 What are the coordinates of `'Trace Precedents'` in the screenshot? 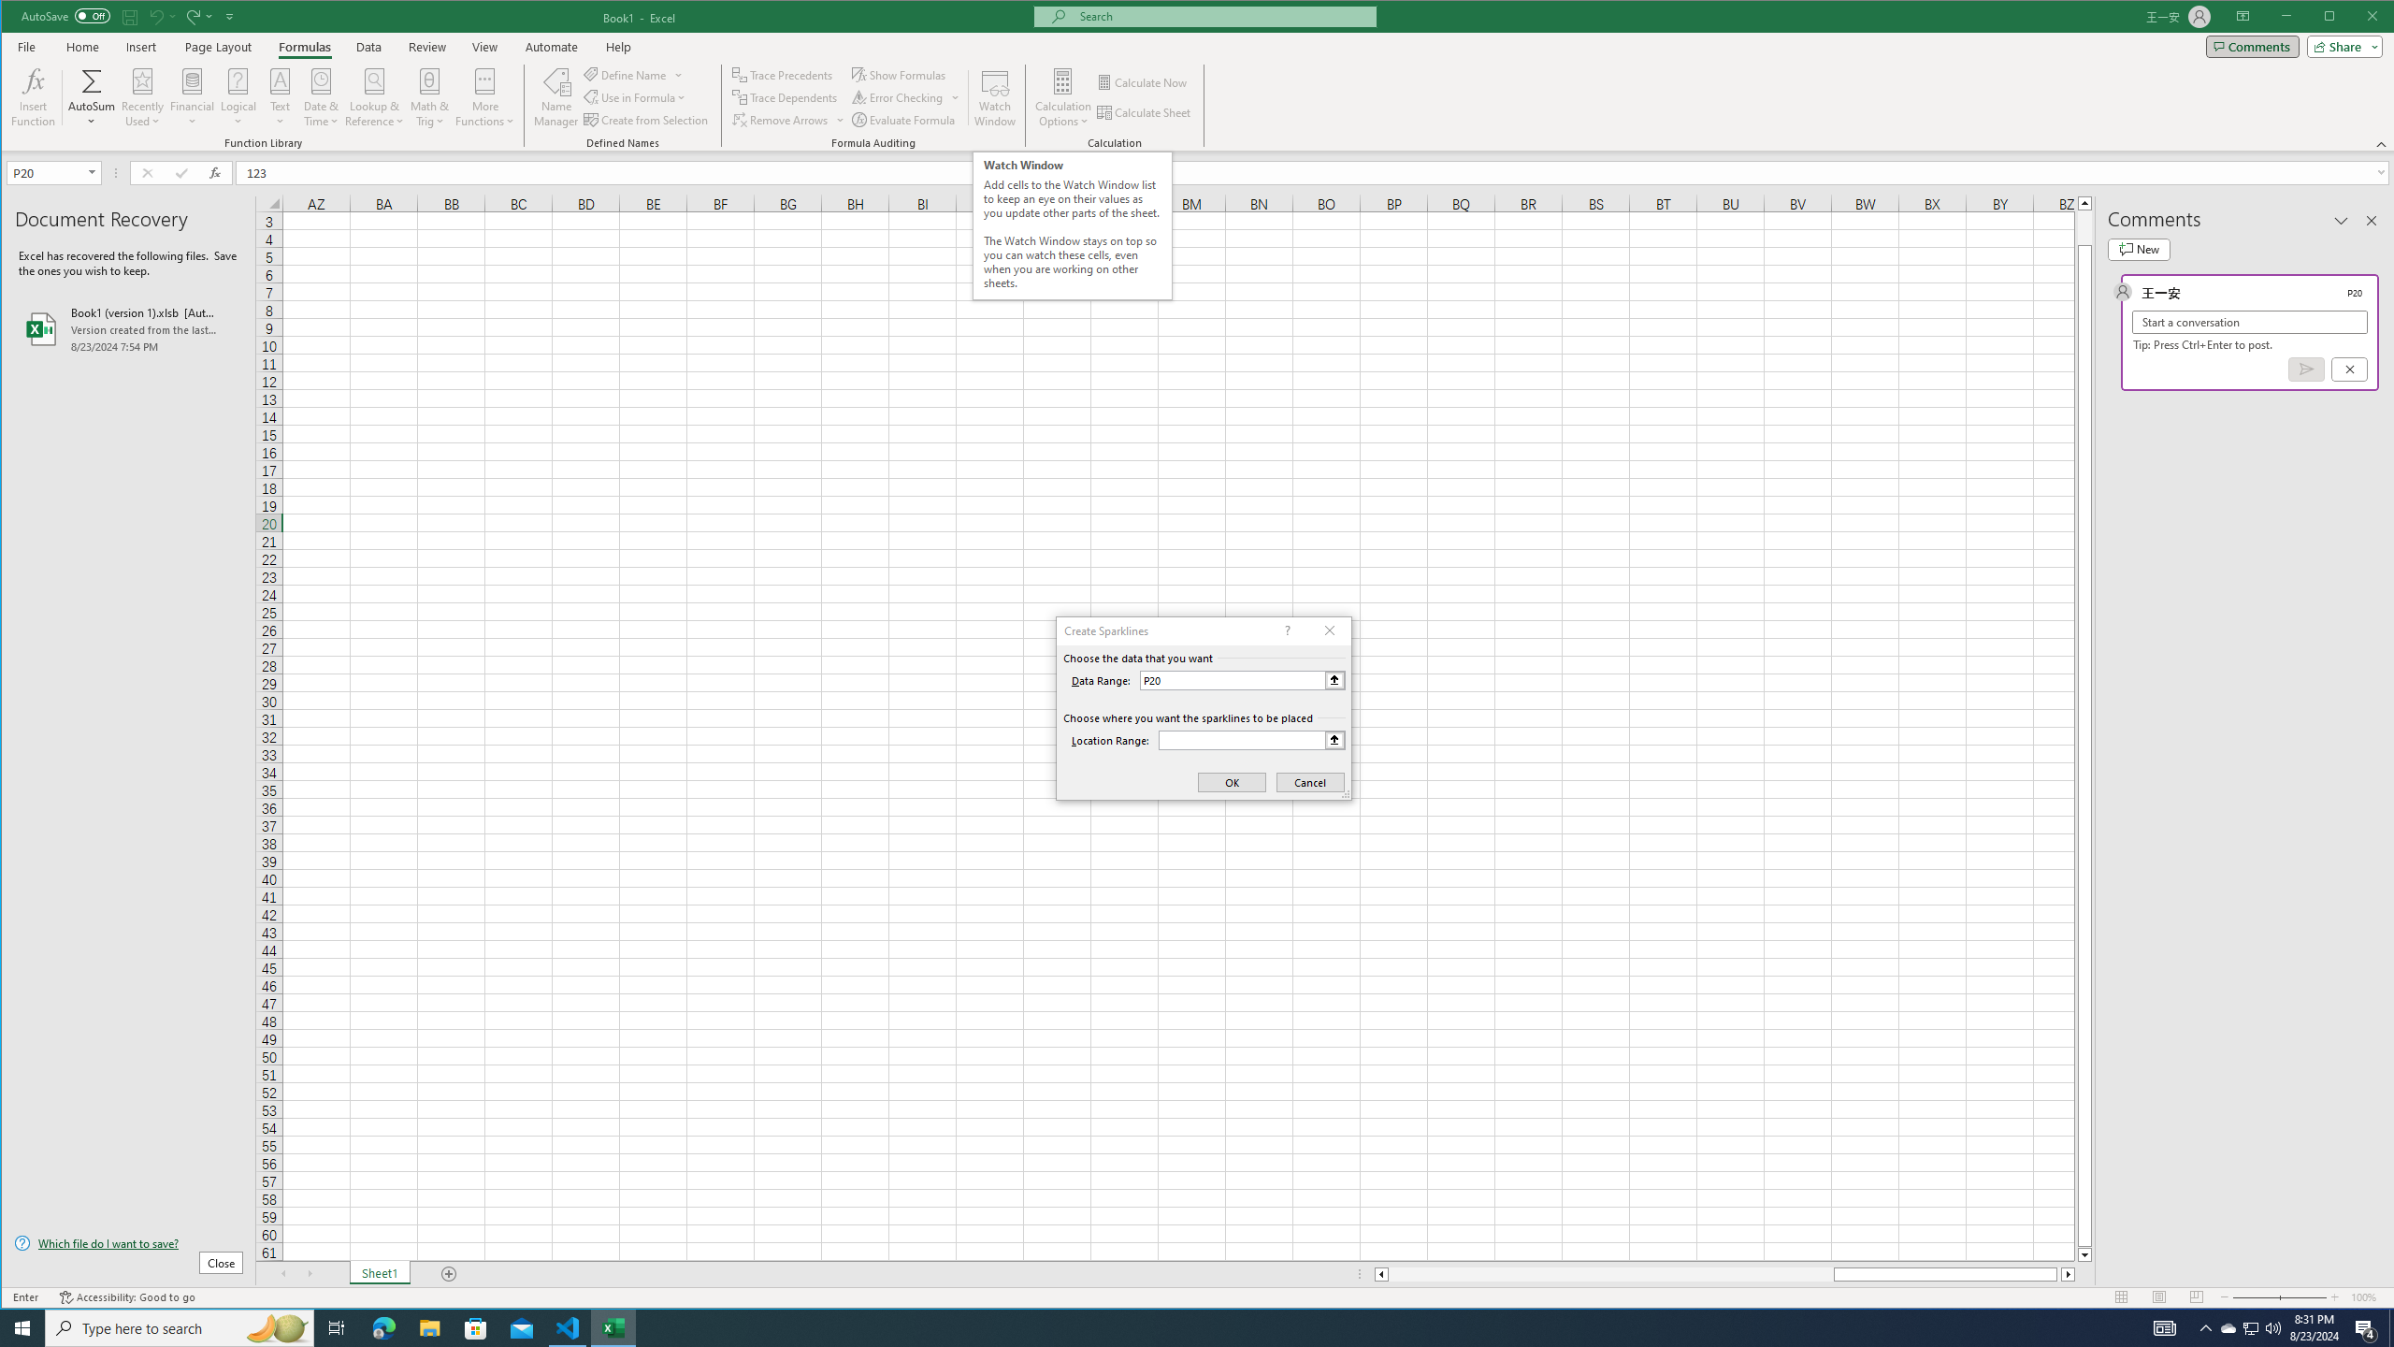 It's located at (783, 75).